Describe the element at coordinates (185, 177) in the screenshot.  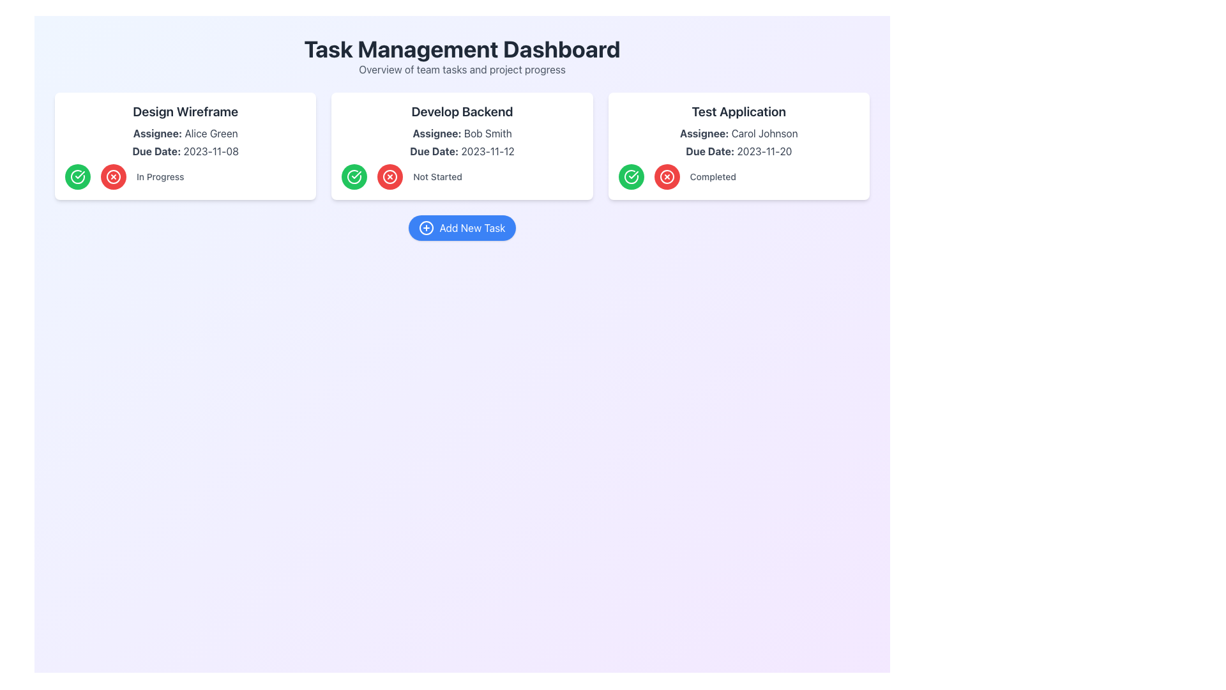
I see `the 'In Progress' text label that indicates the current status of the task, located at the bottom section of the task card titled 'Design Wireframe', centered between the green check button and the red cross button` at that location.